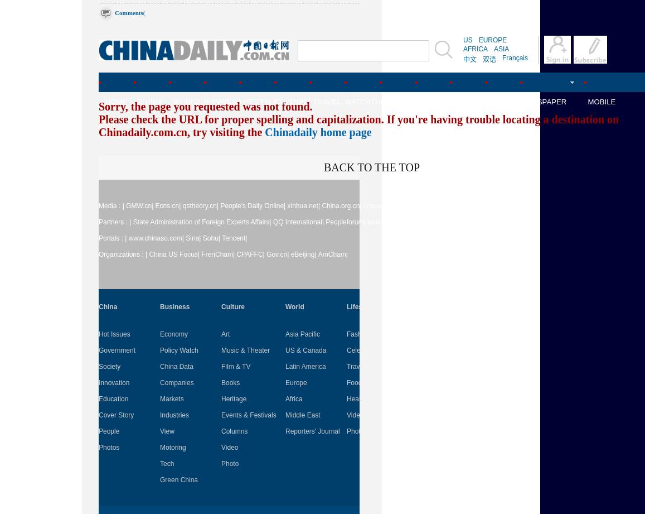 This screenshot has height=514, width=645. What do you see at coordinates (266, 254) in the screenshot?
I see `'Gov.cn|'` at bounding box center [266, 254].